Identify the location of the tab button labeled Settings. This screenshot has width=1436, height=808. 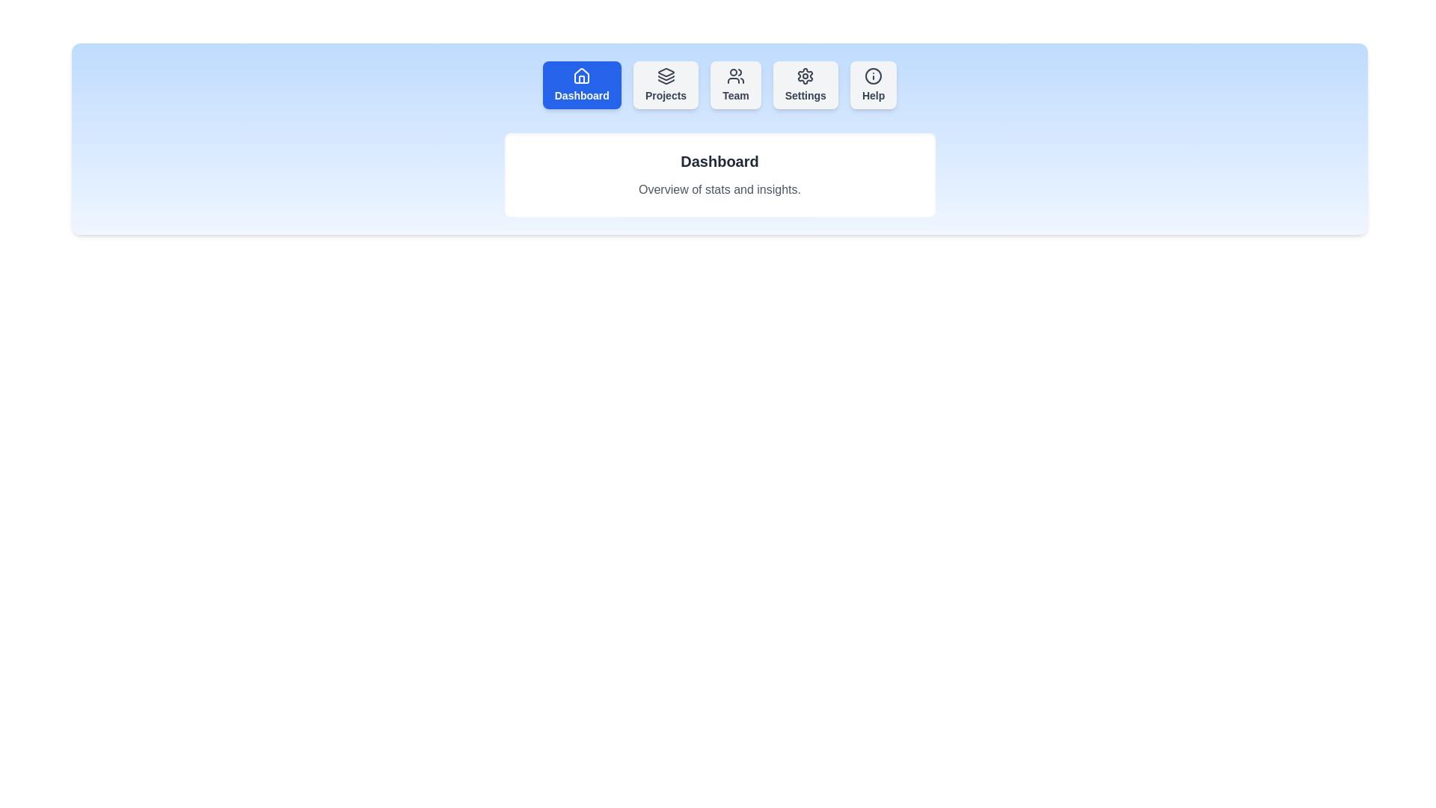
(804, 85).